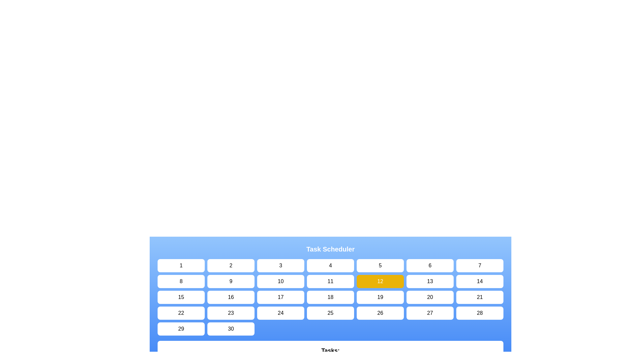 The width and height of the screenshot is (633, 356). Describe the element at coordinates (480, 312) in the screenshot. I see `the rectangular button labeled '28' with black text on a white background, located` at that location.